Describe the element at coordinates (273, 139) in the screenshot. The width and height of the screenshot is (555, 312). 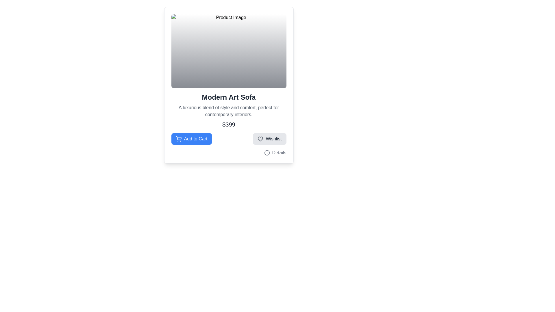
I see `the text label within the button that indicates the purpose of adding the product to a wishlist` at that location.